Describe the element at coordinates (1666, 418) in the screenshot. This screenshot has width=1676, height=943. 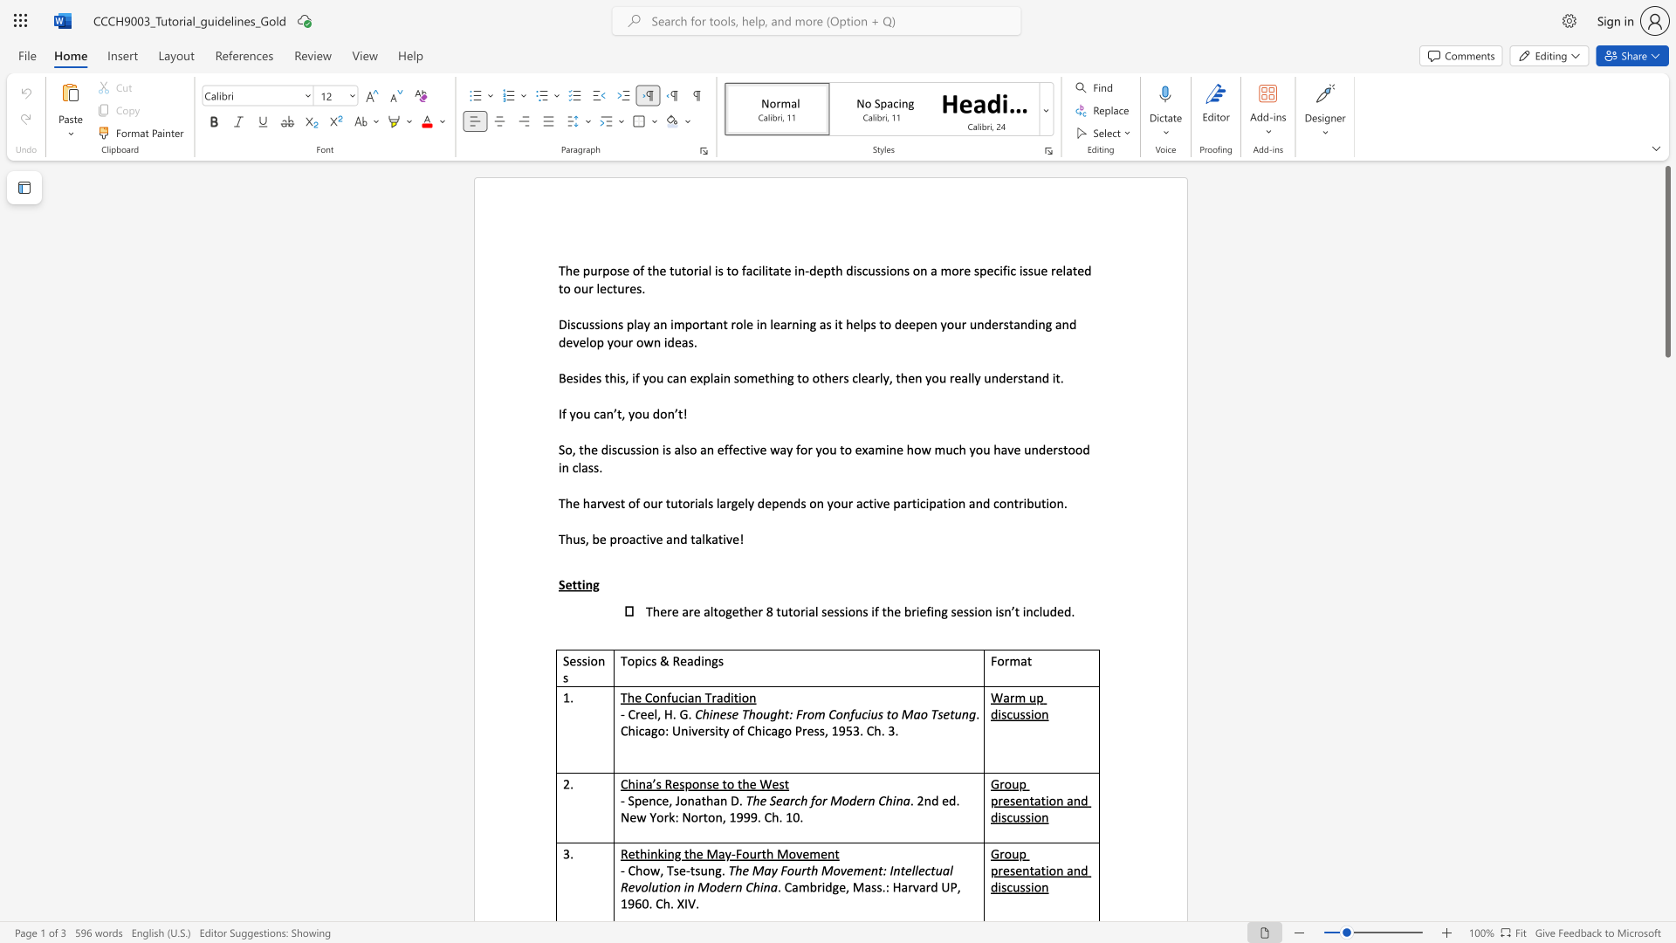
I see `the right-hand scrollbar to descend the page` at that location.